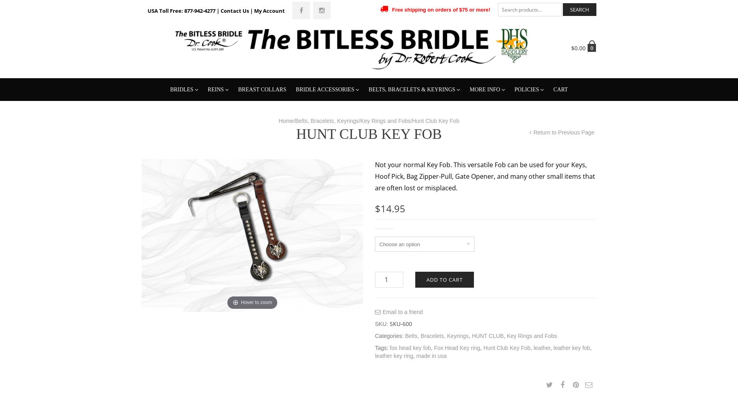 The image size is (738, 399). Describe the element at coordinates (542, 113) in the screenshot. I see `'Shipping & Returns'` at that location.